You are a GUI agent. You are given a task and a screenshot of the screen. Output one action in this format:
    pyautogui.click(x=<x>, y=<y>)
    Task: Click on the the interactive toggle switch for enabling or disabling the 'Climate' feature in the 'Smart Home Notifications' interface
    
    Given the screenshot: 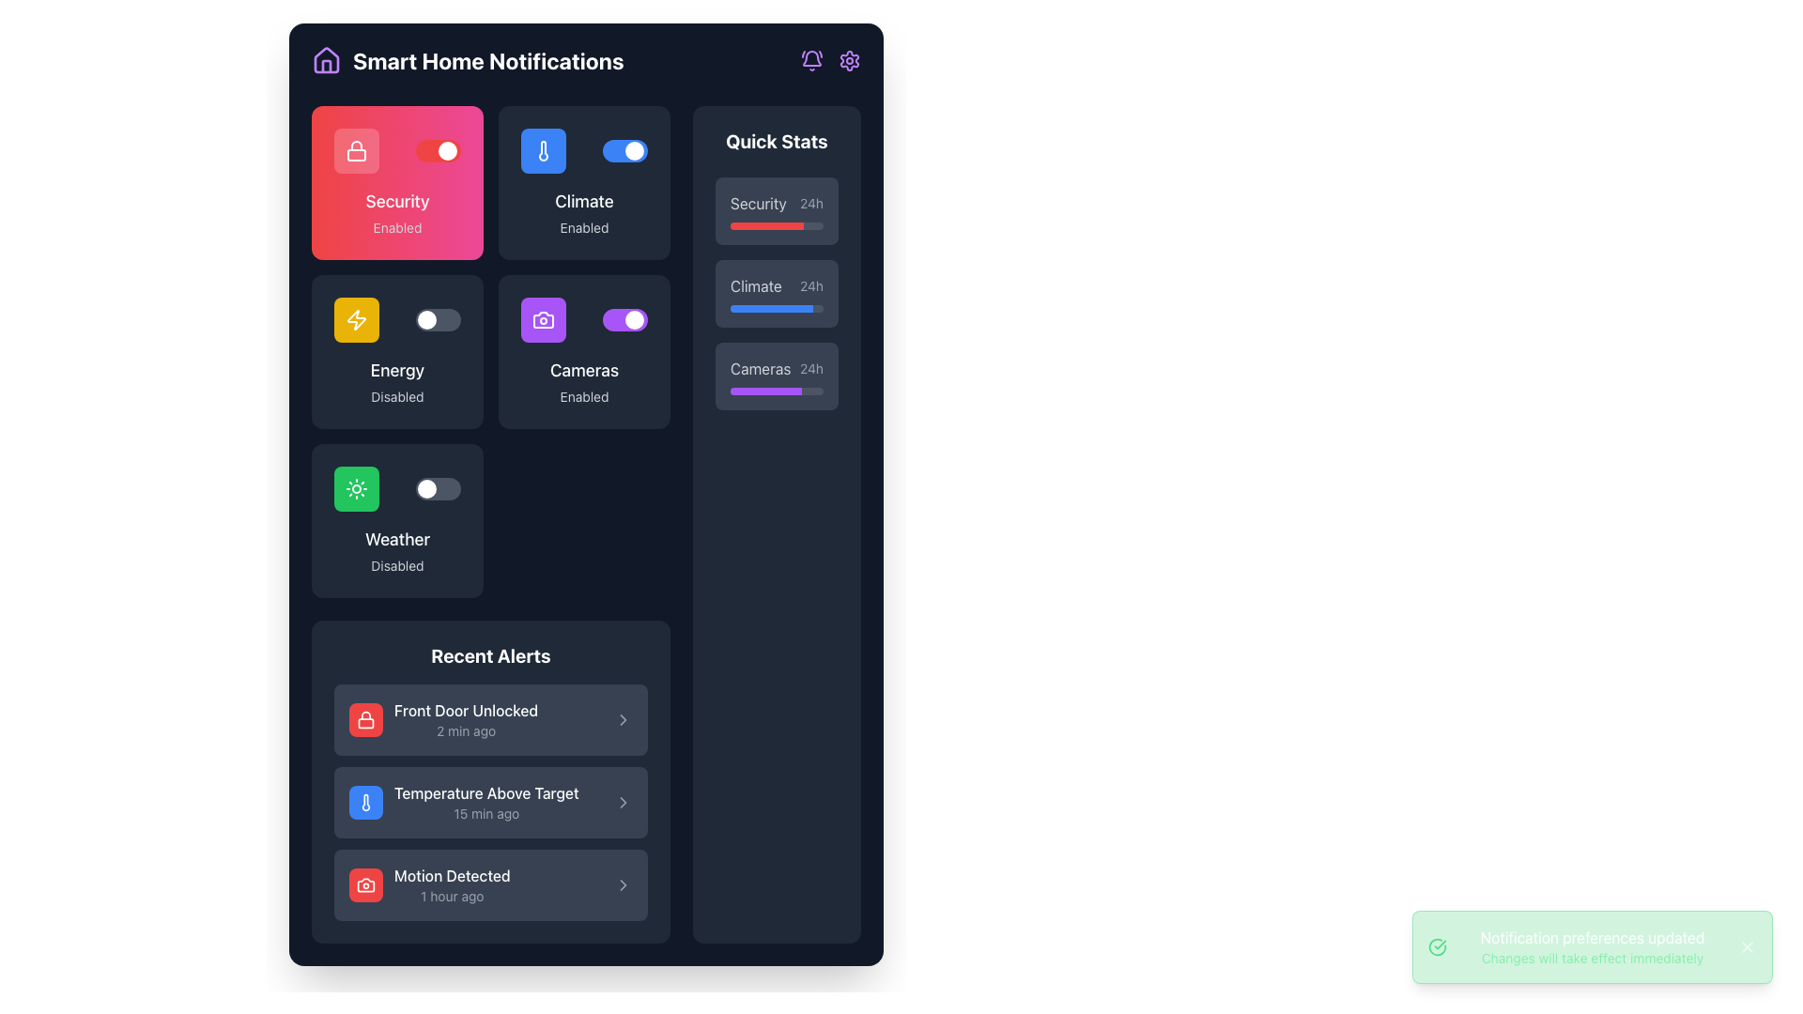 What is the action you would take?
    pyautogui.click(x=625, y=150)
    